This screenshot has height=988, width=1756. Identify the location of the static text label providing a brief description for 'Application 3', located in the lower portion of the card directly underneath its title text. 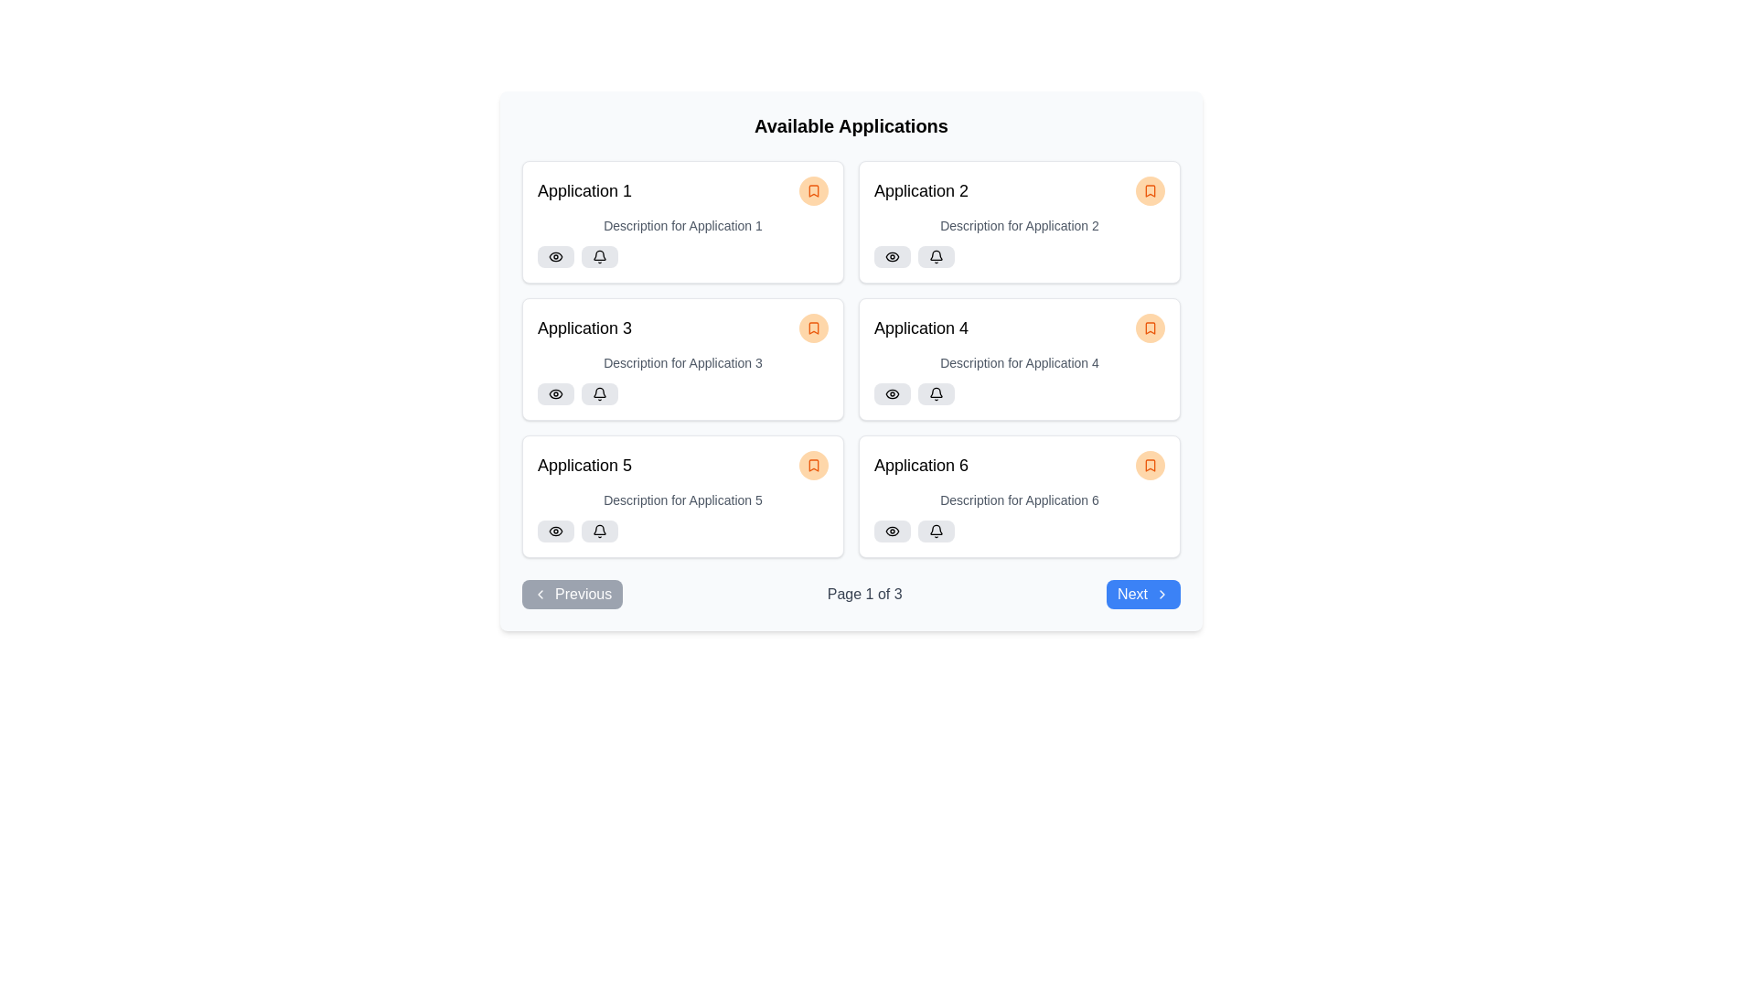
(682, 363).